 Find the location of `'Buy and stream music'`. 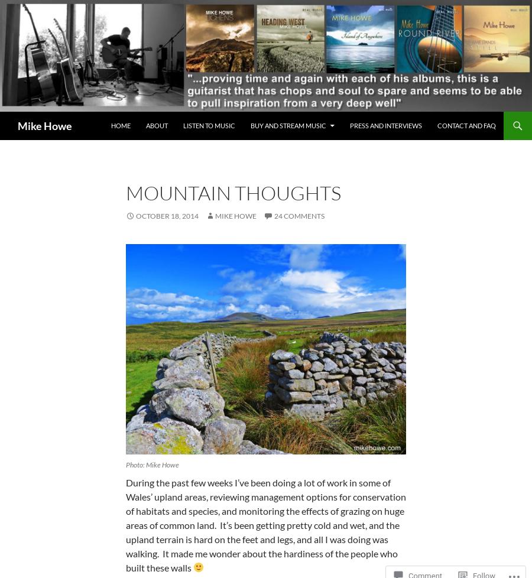

'Buy and stream music' is located at coordinates (287, 125).